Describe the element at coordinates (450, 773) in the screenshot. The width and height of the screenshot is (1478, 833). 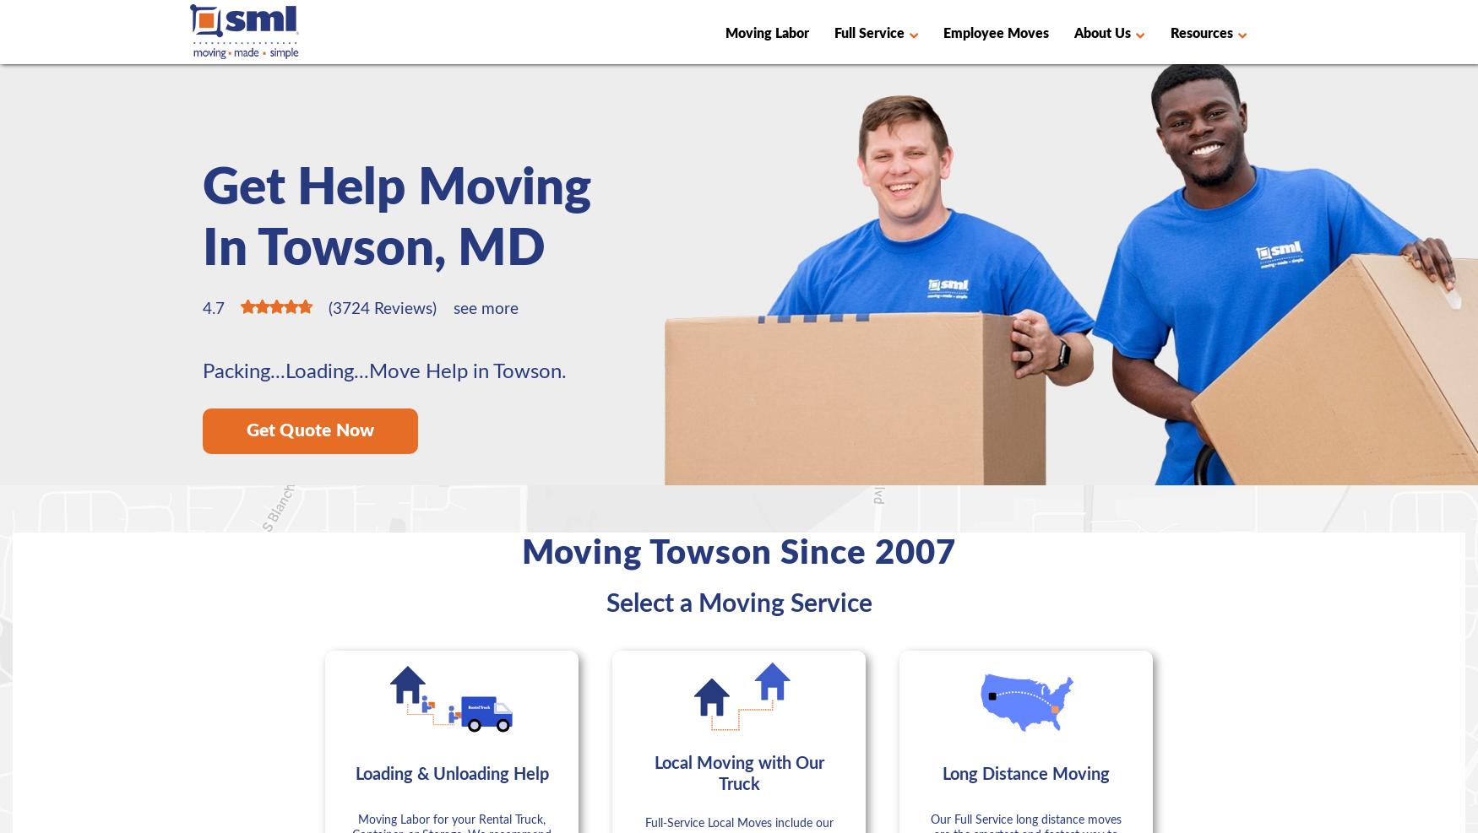
I see `'Loading & Unloading Help'` at that location.